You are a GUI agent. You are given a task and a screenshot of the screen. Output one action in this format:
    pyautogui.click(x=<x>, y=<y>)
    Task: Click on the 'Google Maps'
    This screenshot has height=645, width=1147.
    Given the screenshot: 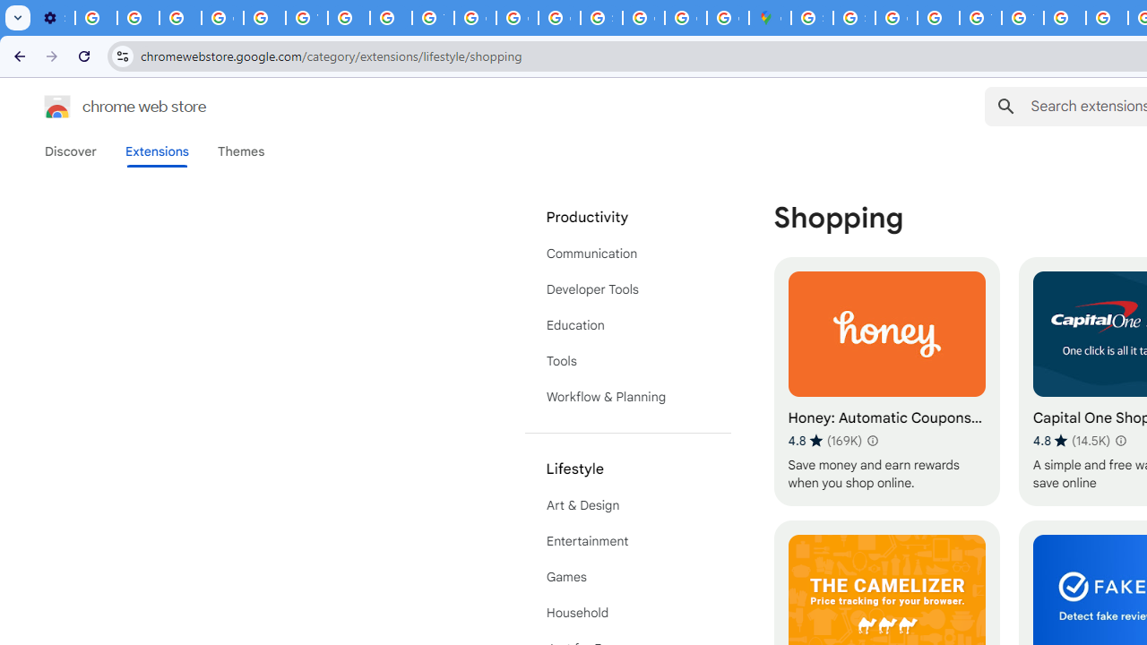 What is the action you would take?
    pyautogui.click(x=770, y=18)
    